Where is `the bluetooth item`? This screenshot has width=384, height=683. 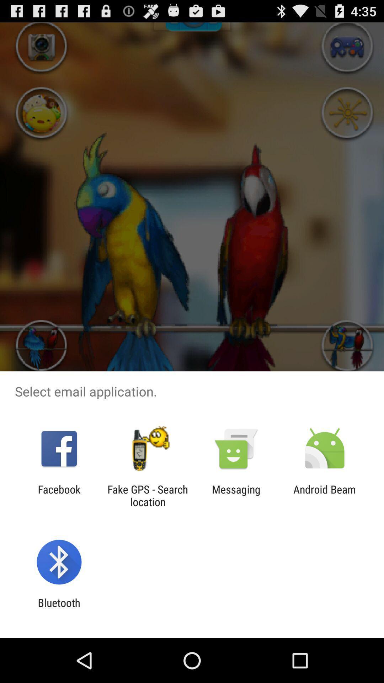 the bluetooth item is located at coordinates (59, 609).